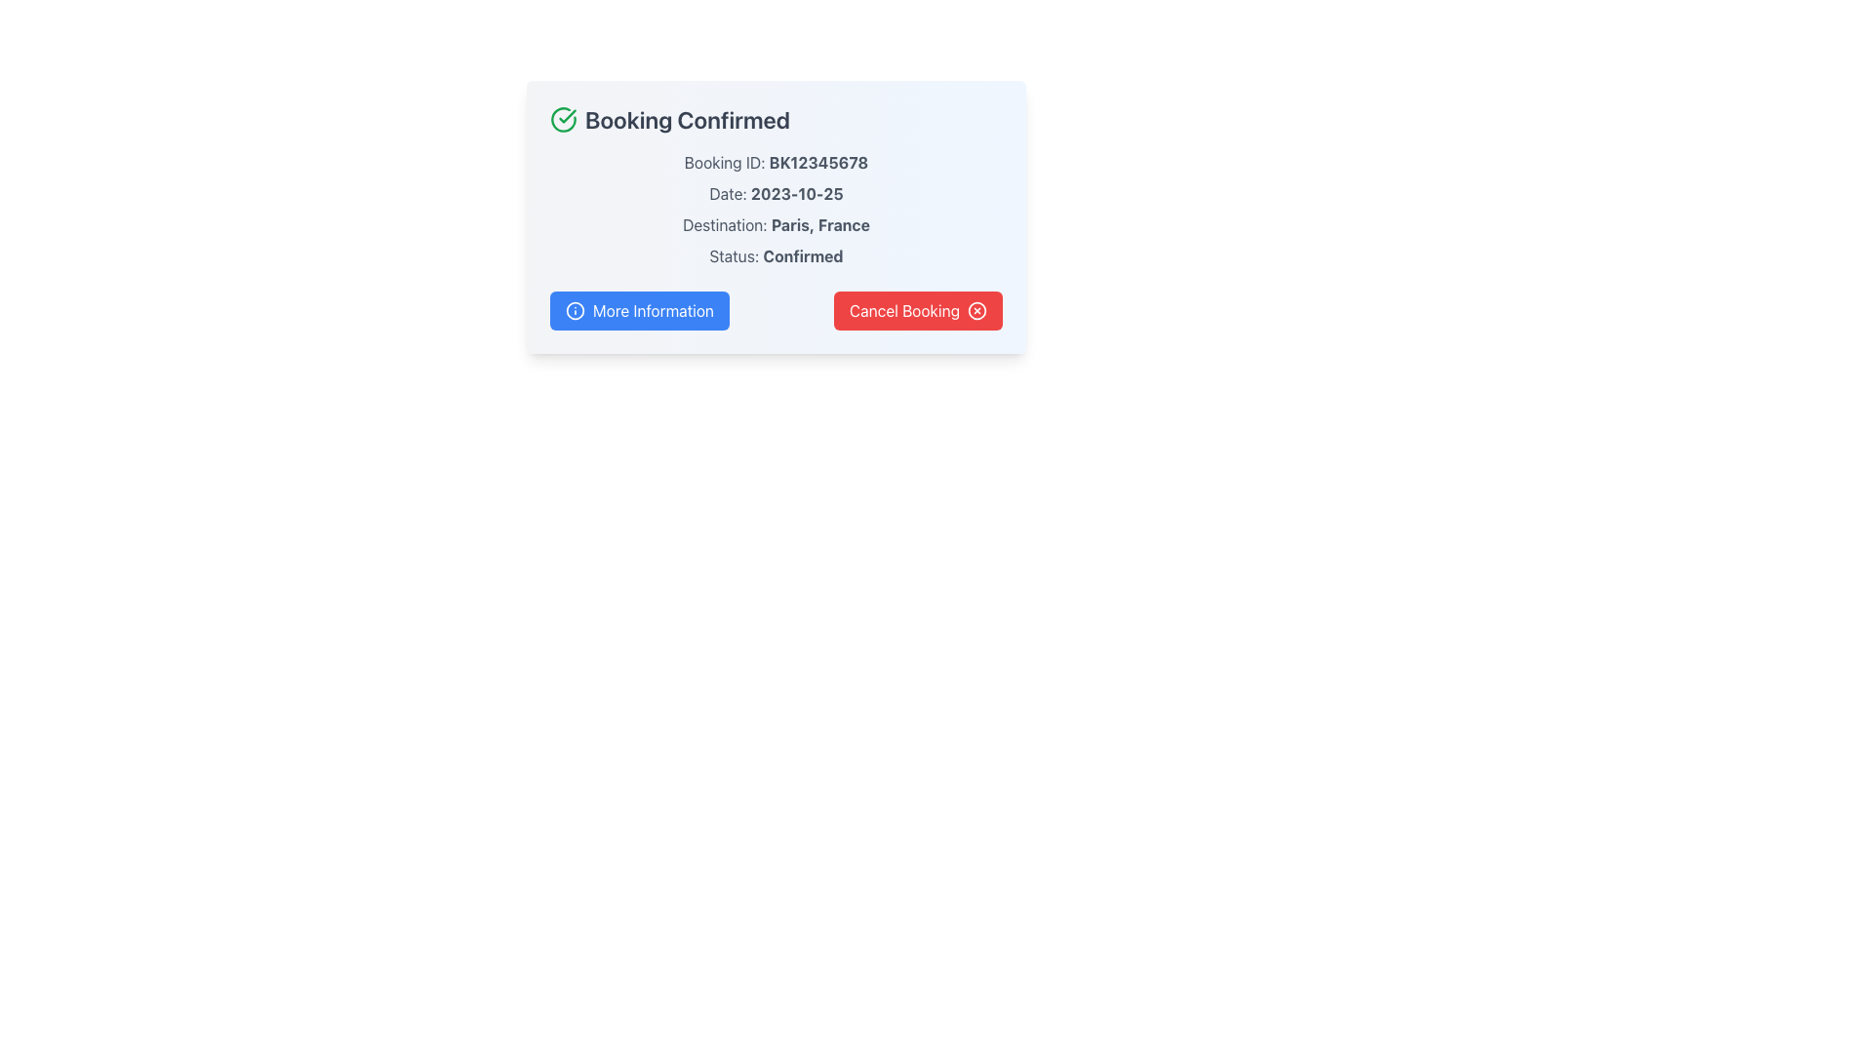  What do you see at coordinates (776, 254) in the screenshot?
I see `the text label displaying 'Status: Confirmed' which is located in the bottom part of the booking details section` at bounding box center [776, 254].